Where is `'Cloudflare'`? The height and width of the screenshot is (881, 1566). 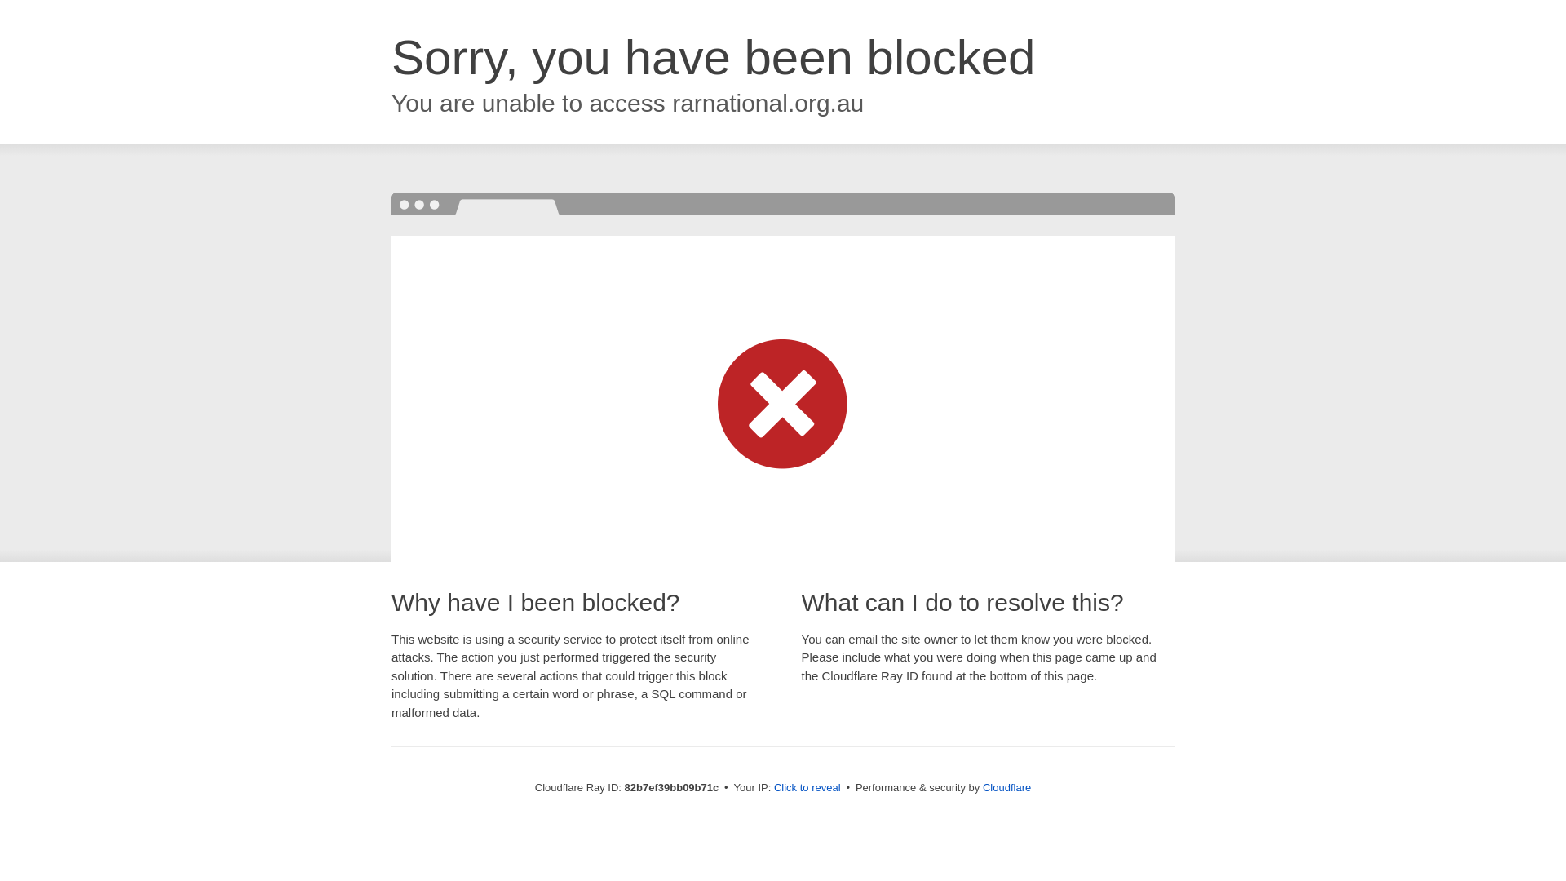
'Cloudflare' is located at coordinates (1006, 786).